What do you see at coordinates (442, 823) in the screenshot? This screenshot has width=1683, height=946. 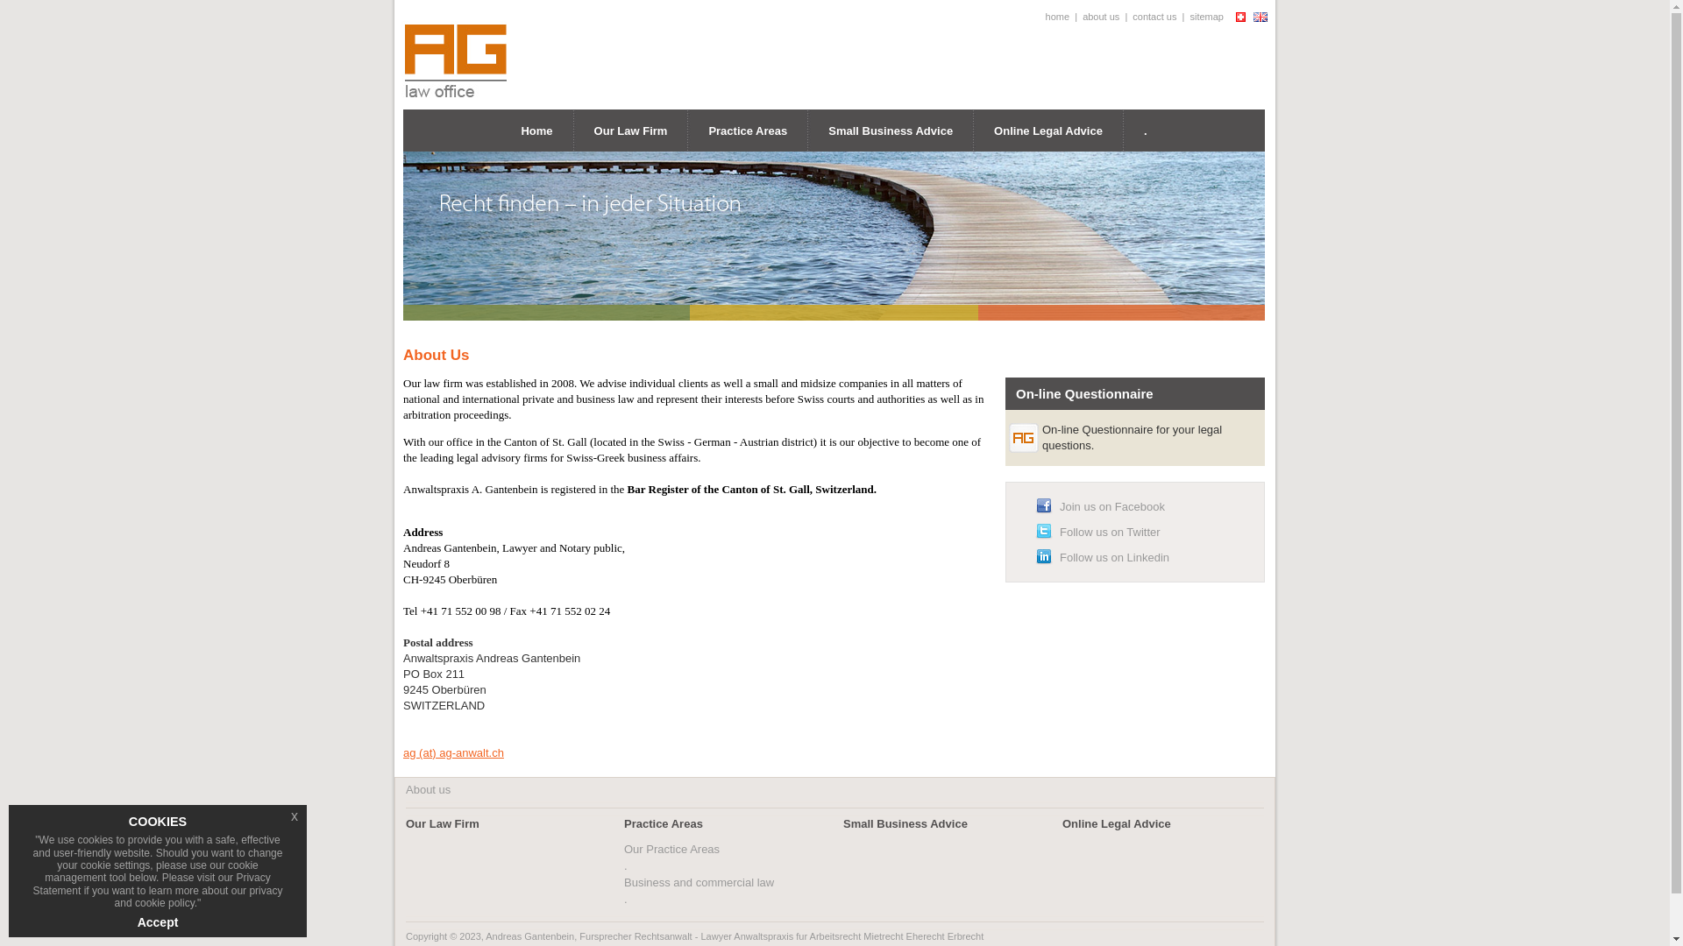 I see `'Our Law Firm'` at bounding box center [442, 823].